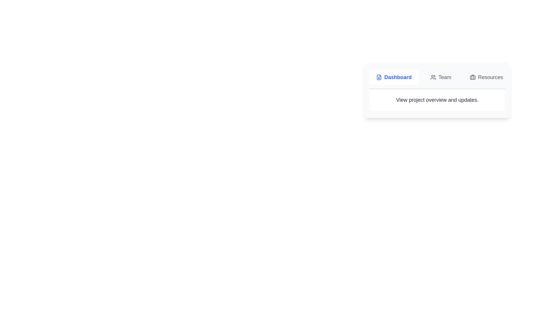  I want to click on the Team tab by clicking on its button, so click(441, 77).